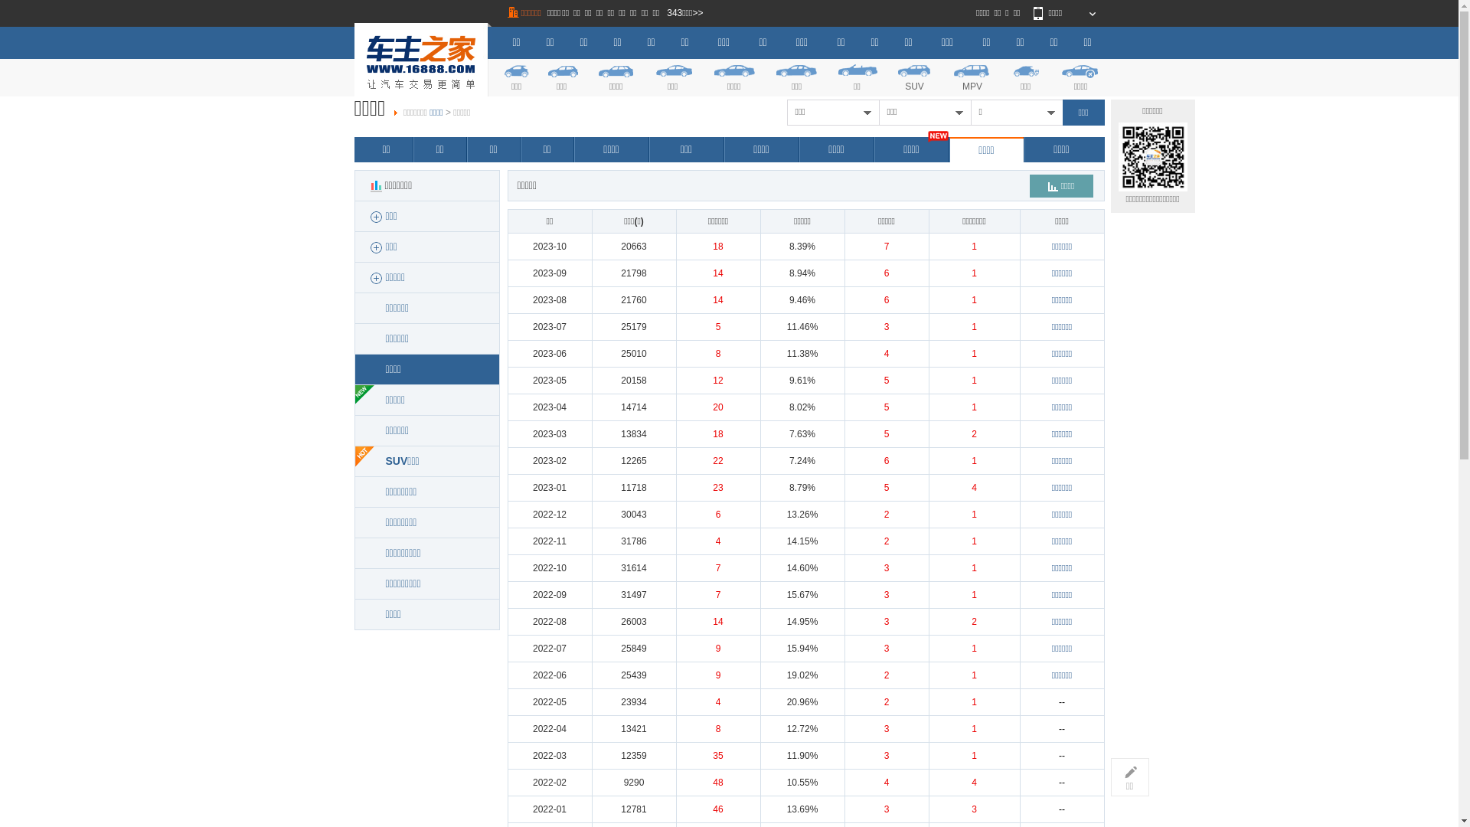 This screenshot has height=827, width=1470. I want to click on '23', so click(717, 487).